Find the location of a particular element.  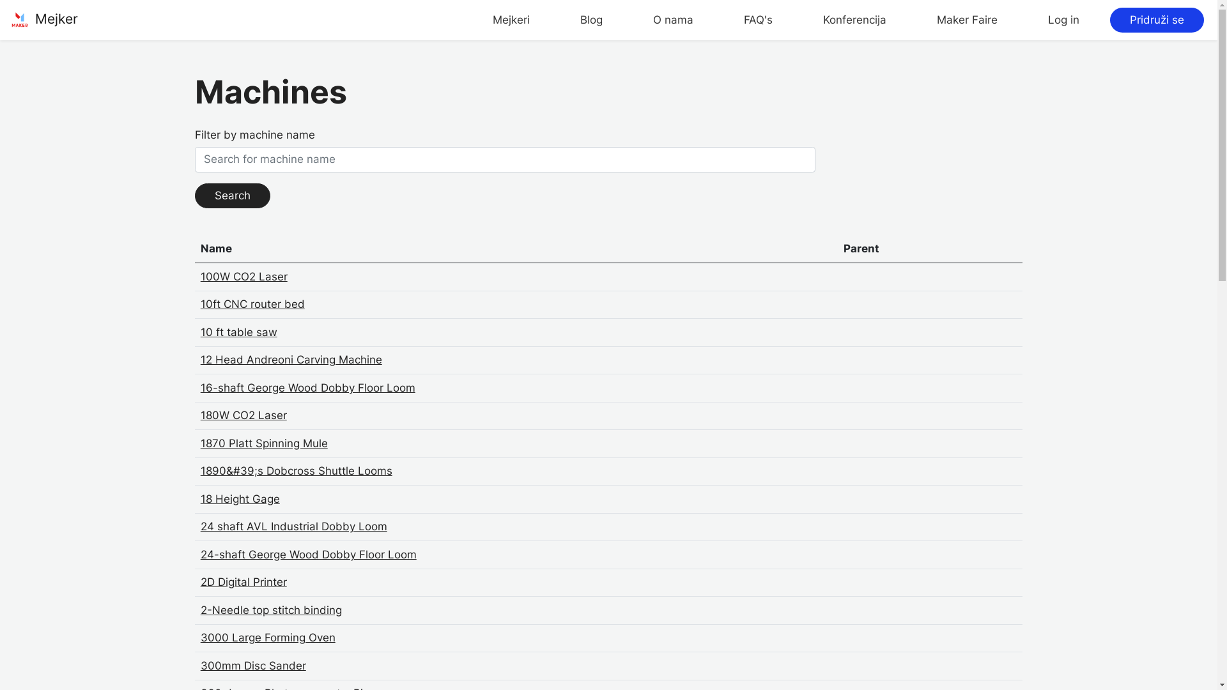

'Konferencija' is located at coordinates (854, 20).